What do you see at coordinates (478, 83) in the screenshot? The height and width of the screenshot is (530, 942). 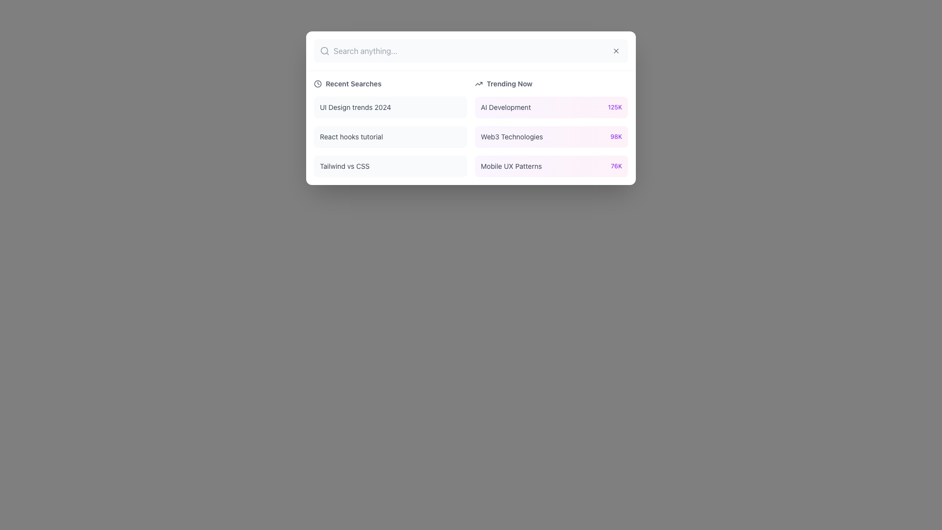 I see `the trending icon located to the left of the 'Trending Now' label in the 'Trending Now' section` at bounding box center [478, 83].